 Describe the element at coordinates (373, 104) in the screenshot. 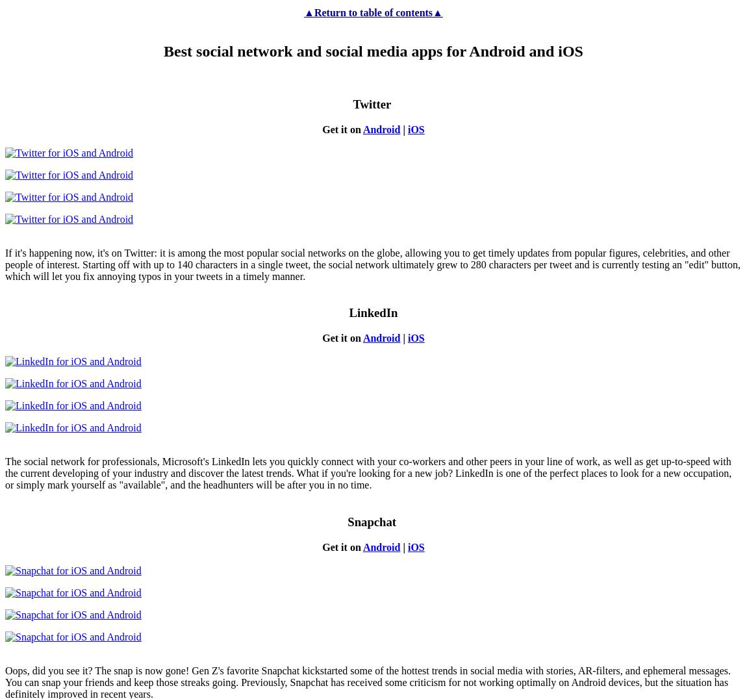

I see `'Twitter'` at that location.